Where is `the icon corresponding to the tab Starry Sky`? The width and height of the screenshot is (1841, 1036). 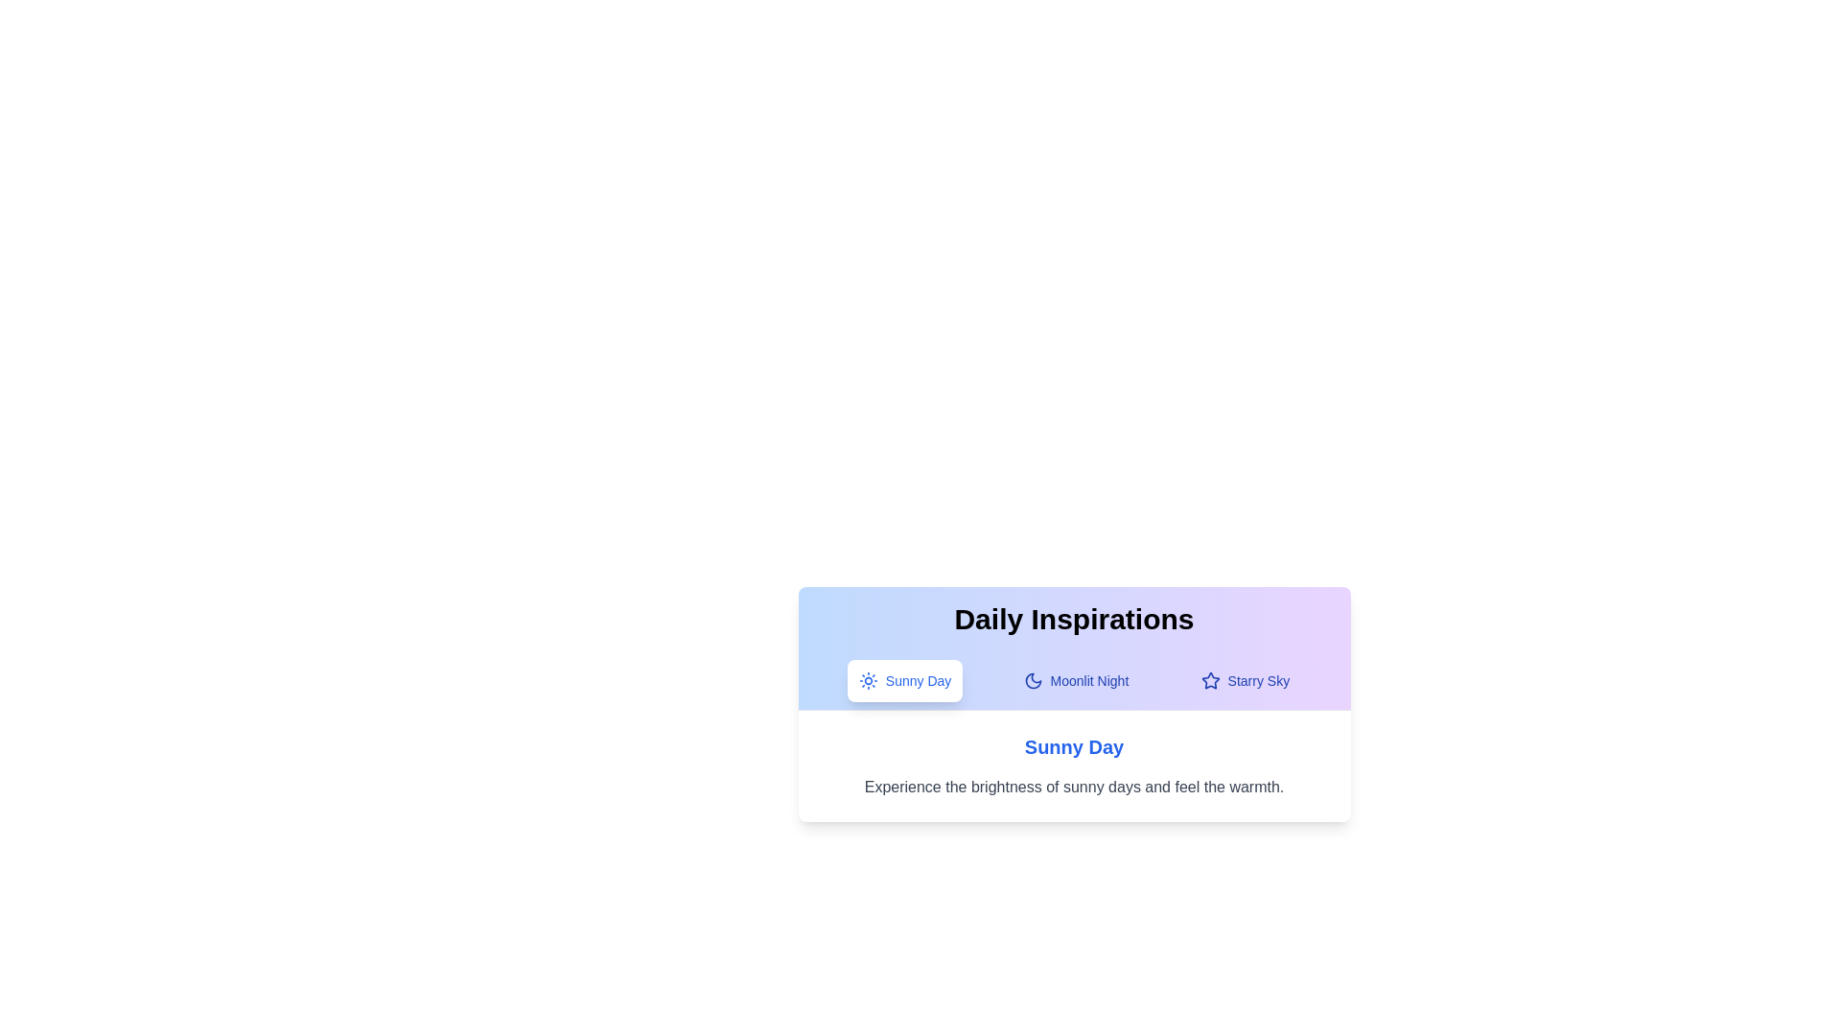
the icon corresponding to the tab Starry Sky is located at coordinates (1209, 679).